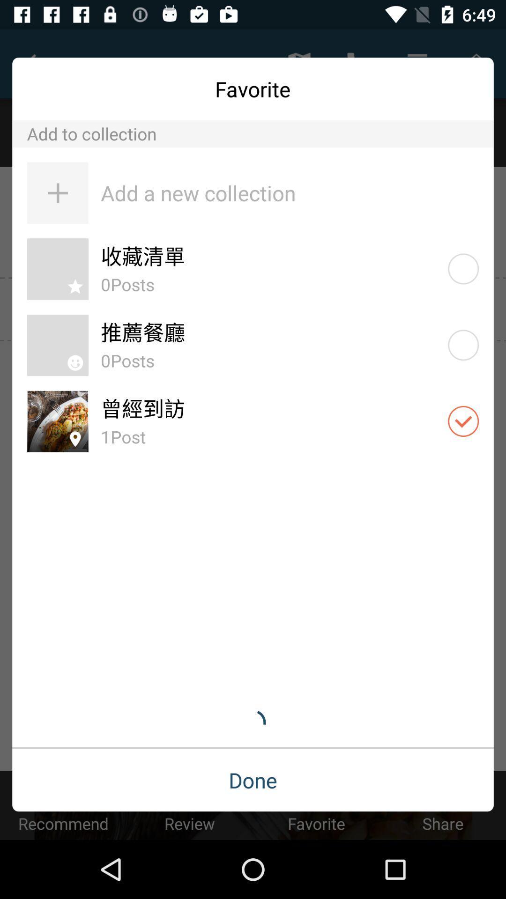  Describe the element at coordinates (253, 780) in the screenshot. I see `the done icon` at that location.